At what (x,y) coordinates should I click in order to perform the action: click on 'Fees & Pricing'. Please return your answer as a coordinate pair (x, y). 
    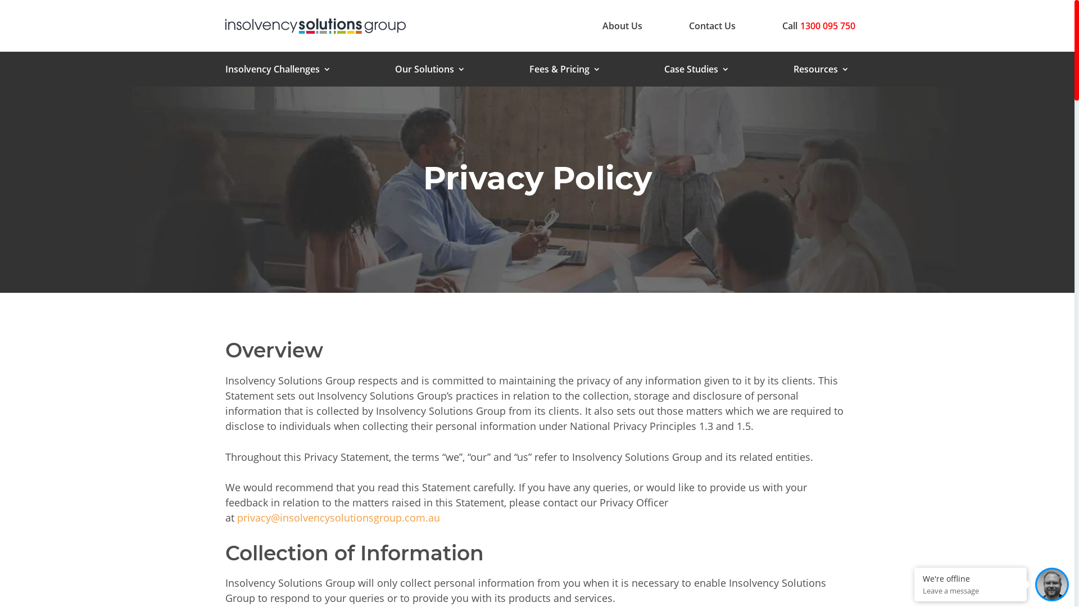
    Looking at the image, I should click on (565, 71).